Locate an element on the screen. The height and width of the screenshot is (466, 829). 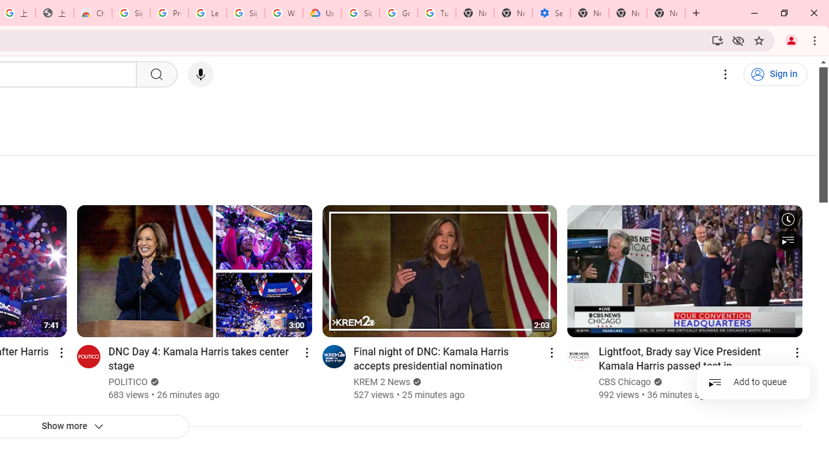
'Google Account Help' is located at coordinates (398, 13).